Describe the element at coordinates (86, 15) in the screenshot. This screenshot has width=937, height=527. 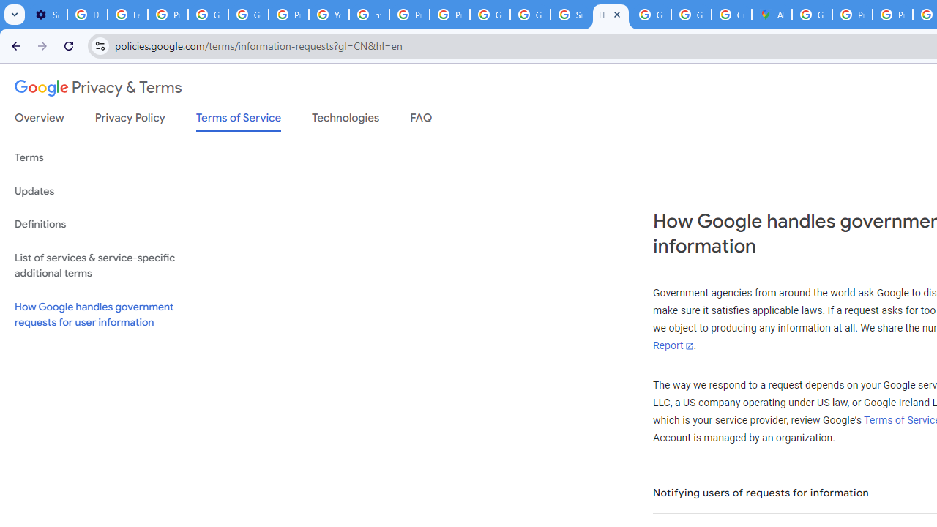
I see `'Delete photos & videos - Computer - Google Photos Help'` at that location.